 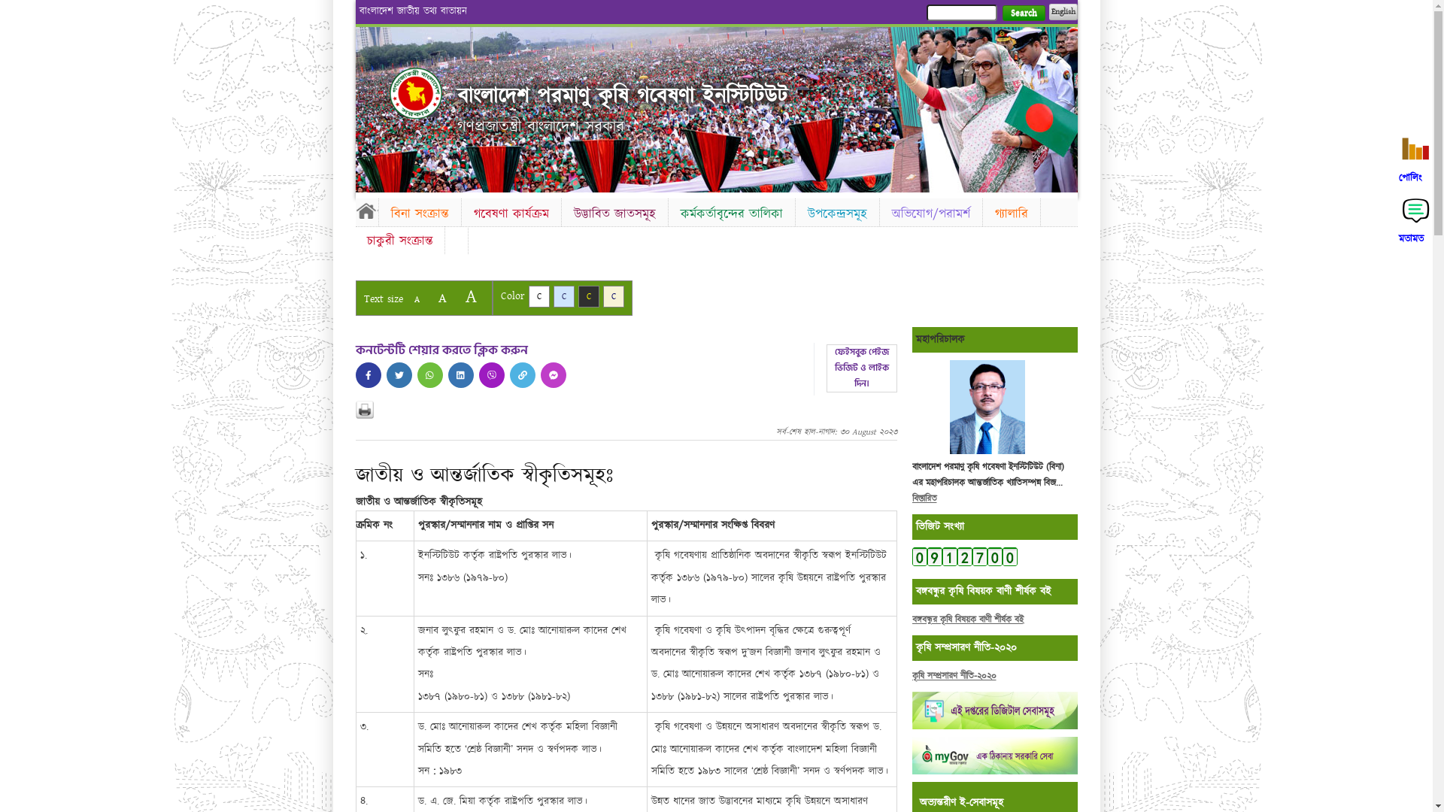 I want to click on 'English', so click(x=1061, y=11).